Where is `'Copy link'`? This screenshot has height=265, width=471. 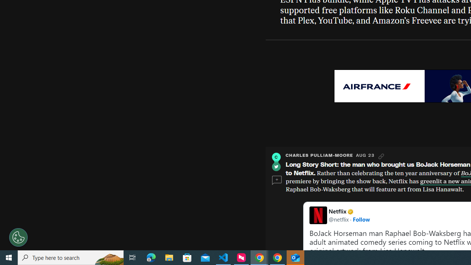 'Copy link' is located at coordinates (381, 156).